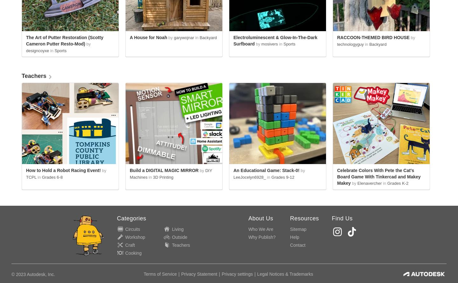 This screenshot has height=283, width=458. Describe the element at coordinates (132, 229) in the screenshot. I see `'Circuits'` at that location.